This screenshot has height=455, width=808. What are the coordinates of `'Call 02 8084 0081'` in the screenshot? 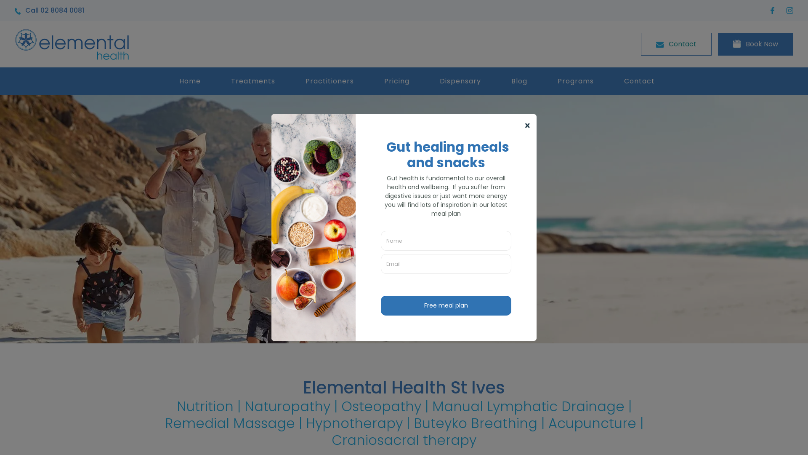 It's located at (14, 10).